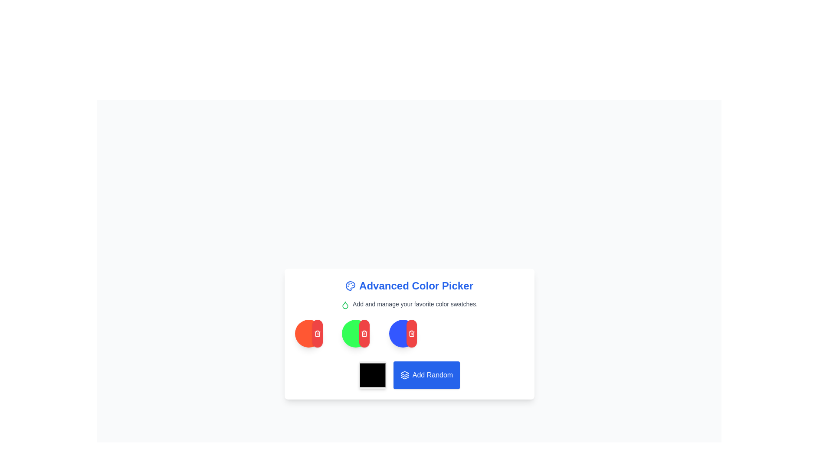 The image size is (833, 468). Describe the element at coordinates (345, 304) in the screenshot. I see `the color or liquid concept icon located to the left of the text 'Add and manage your favorite color swatches.'` at that location.